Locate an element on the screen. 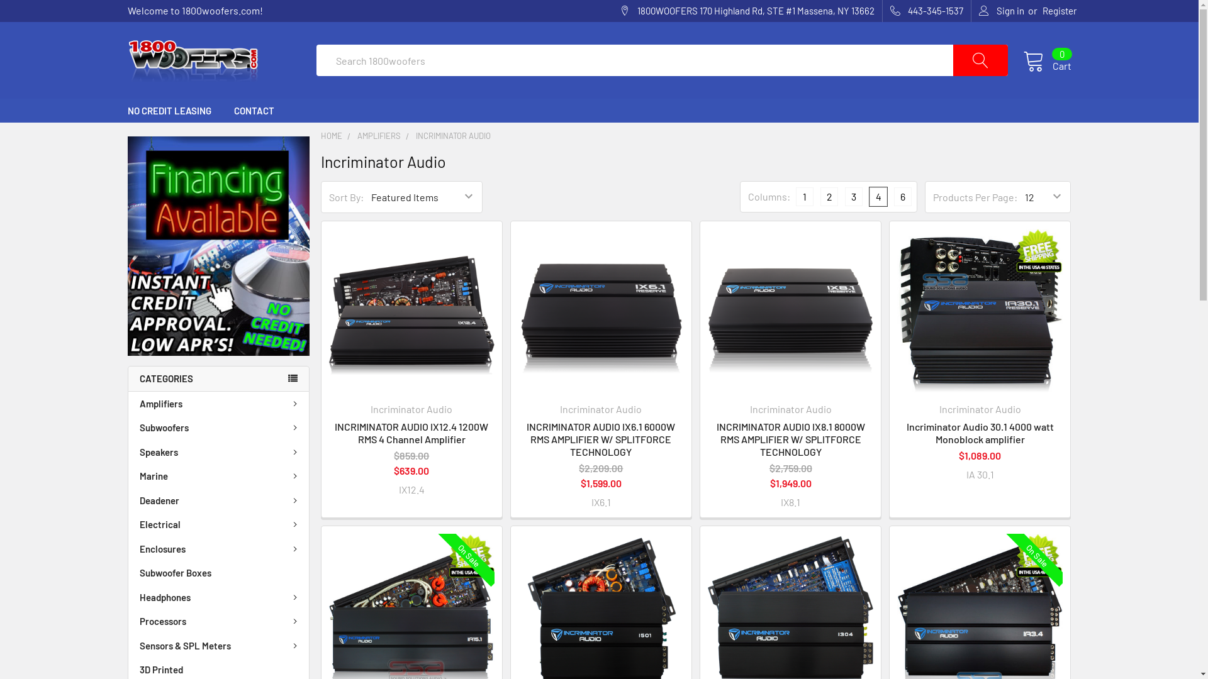 The image size is (1208, 679). '443-345-1537' is located at coordinates (927, 11).